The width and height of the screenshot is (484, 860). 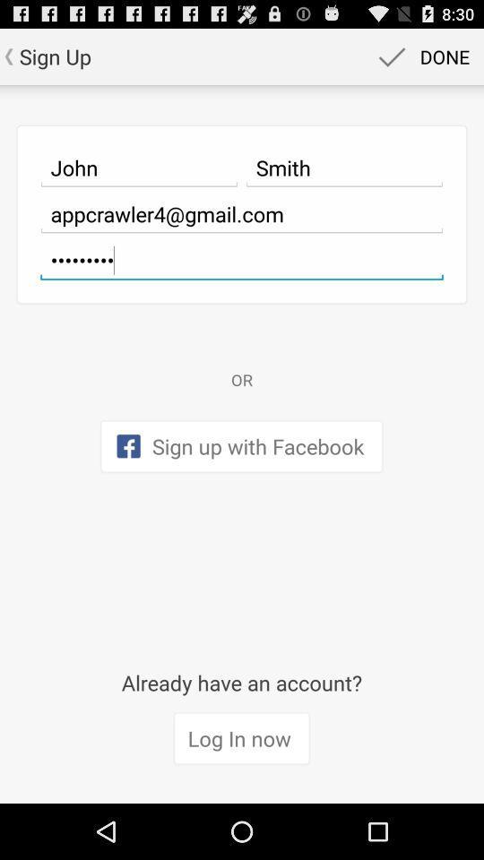 What do you see at coordinates (421, 56) in the screenshot?
I see `the done app` at bounding box center [421, 56].